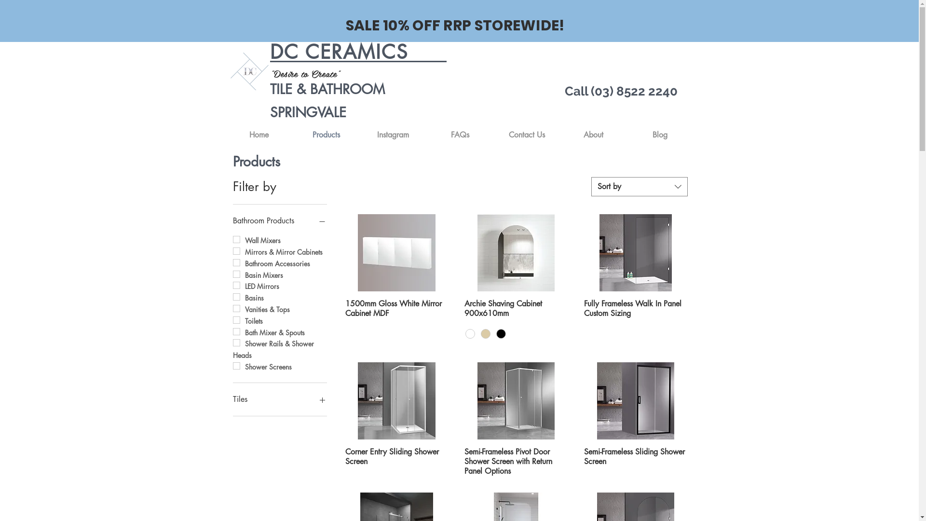 Image resolution: width=926 pixels, height=521 pixels. Describe the element at coordinates (307, 111) in the screenshot. I see `'SPRINGVALE'` at that location.